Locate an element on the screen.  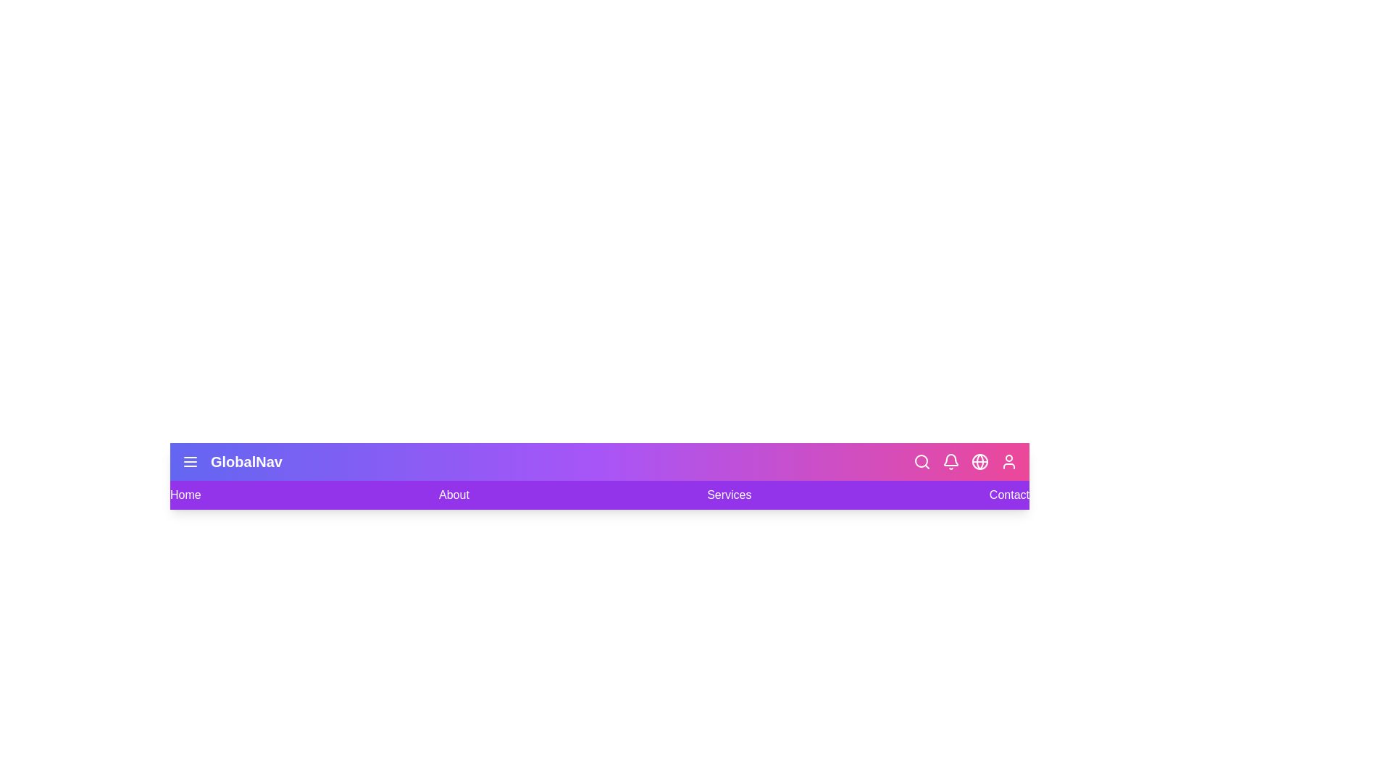
the Notifications icon is located at coordinates (951, 461).